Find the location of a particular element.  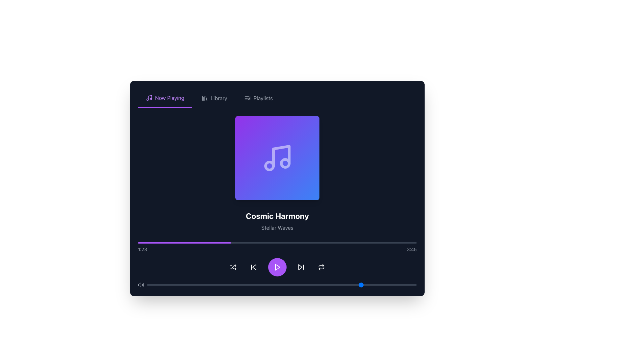

the 'Playlists' navigation link located in the top navigation bar is located at coordinates (263, 98).